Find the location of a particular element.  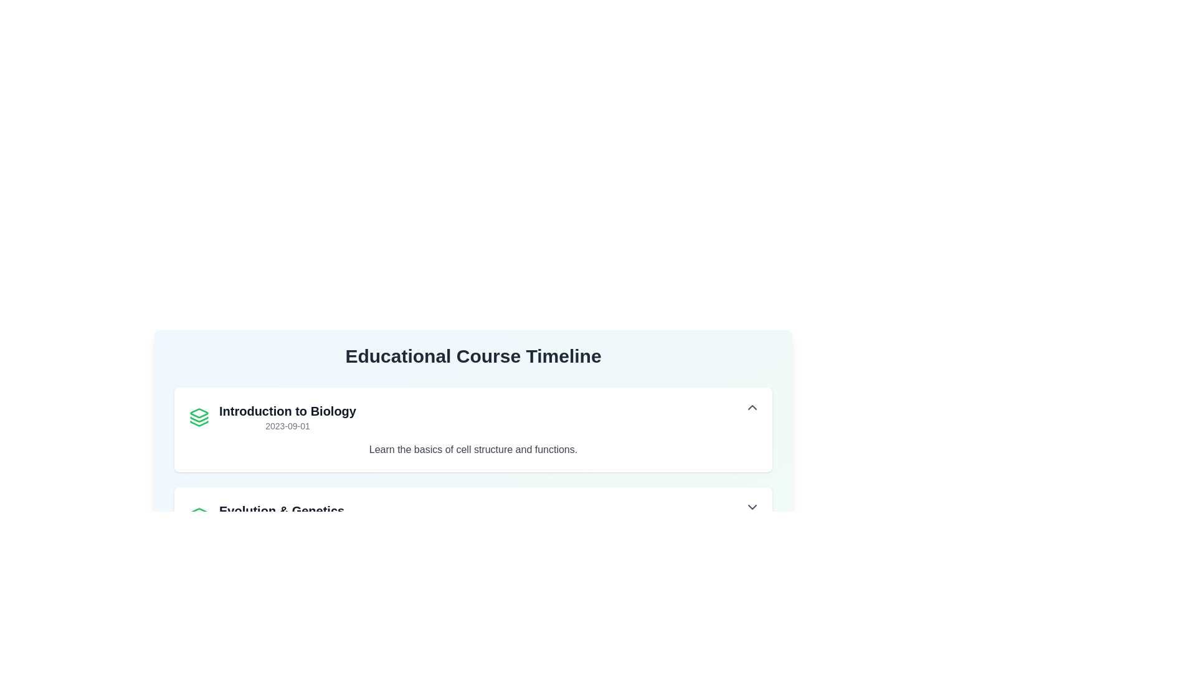

the text label that reads 'Learn the basics of cell structure and functions.' which is styled in gray color and located below the title 'Introduction to Biology' is located at coordinates (472, 449).